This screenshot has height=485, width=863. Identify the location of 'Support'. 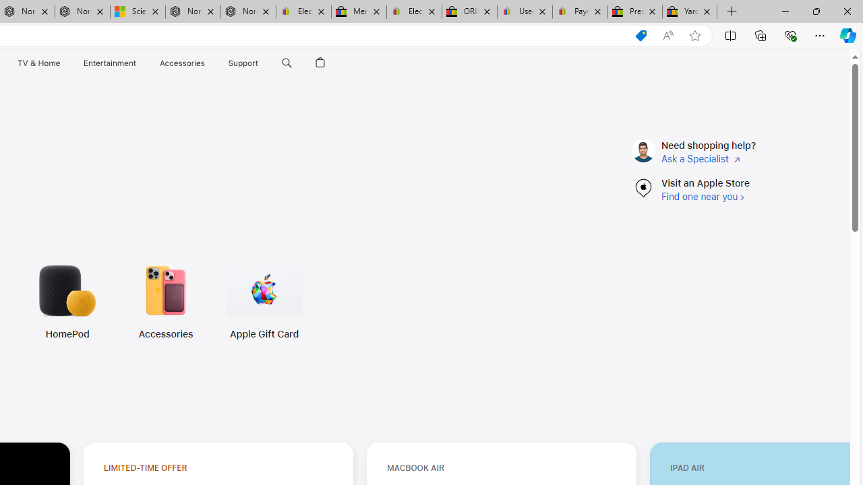
(243, 63).